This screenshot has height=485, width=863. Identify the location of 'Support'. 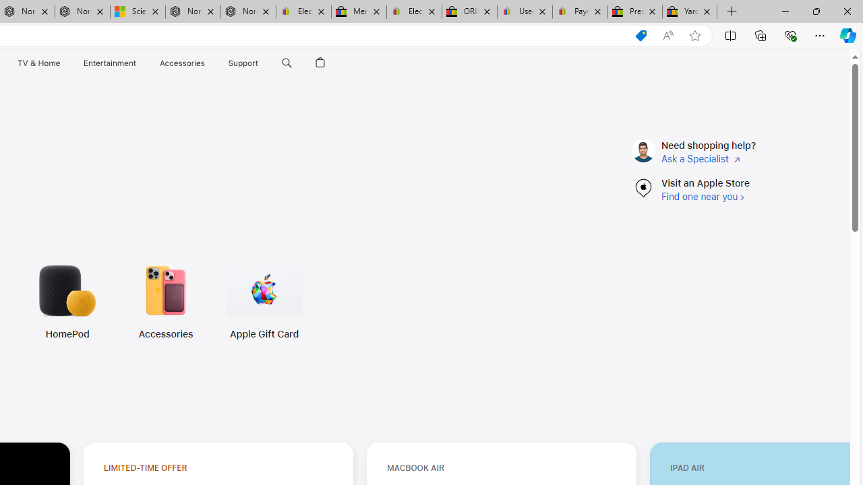
(243, 63).